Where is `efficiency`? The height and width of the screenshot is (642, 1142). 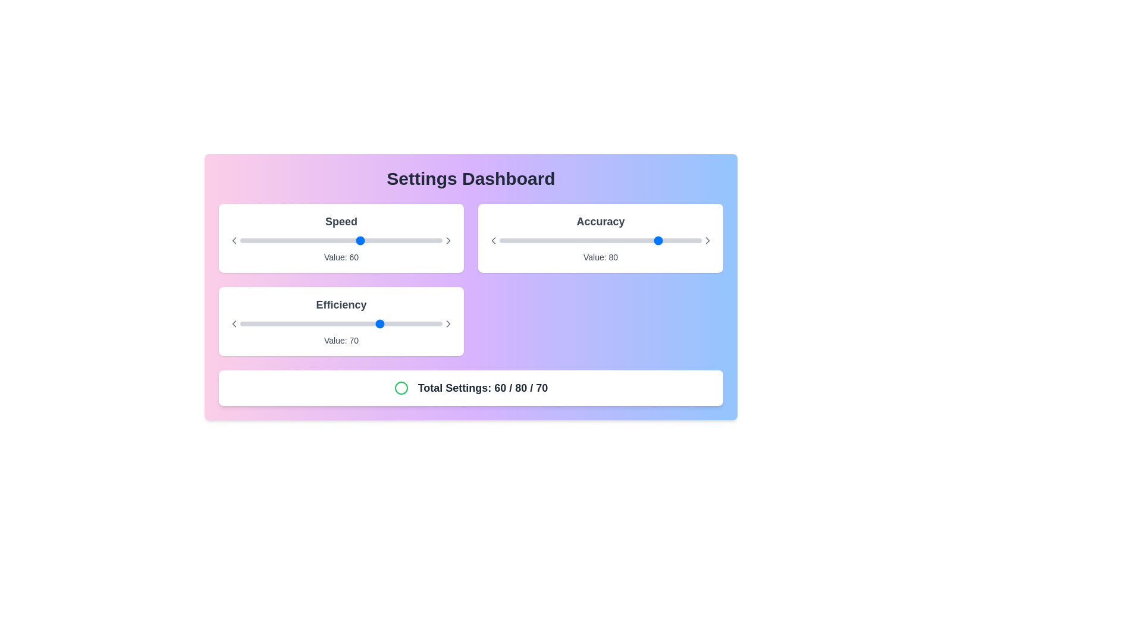 efficiency is located at coordinates (375, 323).